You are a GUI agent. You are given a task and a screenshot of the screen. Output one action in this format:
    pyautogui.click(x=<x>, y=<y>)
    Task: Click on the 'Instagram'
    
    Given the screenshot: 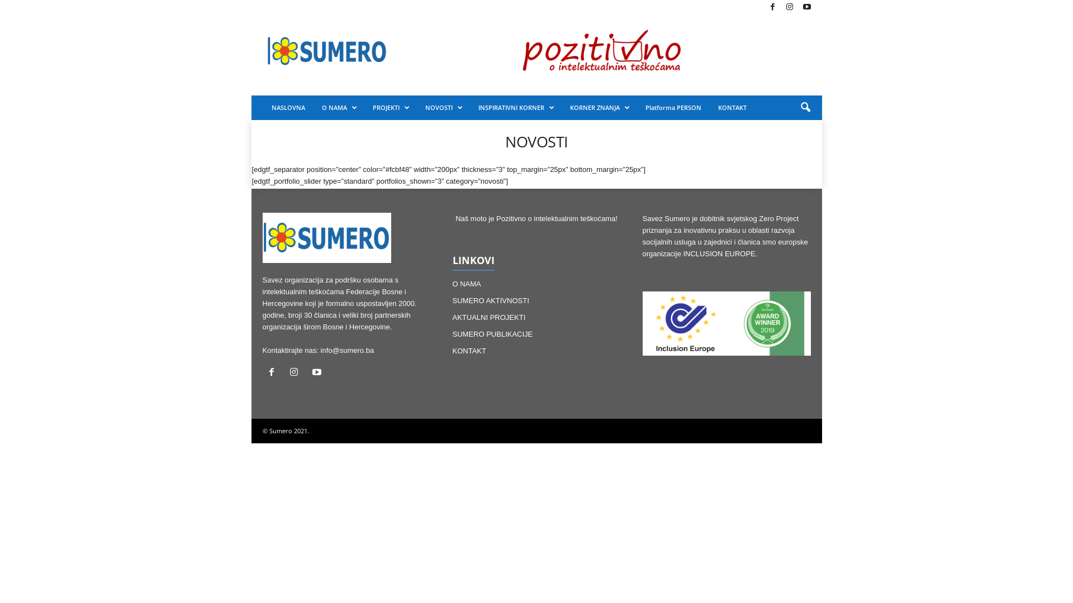 What is the action you would take?
    pyautogui.click(x=296, y=373)
    